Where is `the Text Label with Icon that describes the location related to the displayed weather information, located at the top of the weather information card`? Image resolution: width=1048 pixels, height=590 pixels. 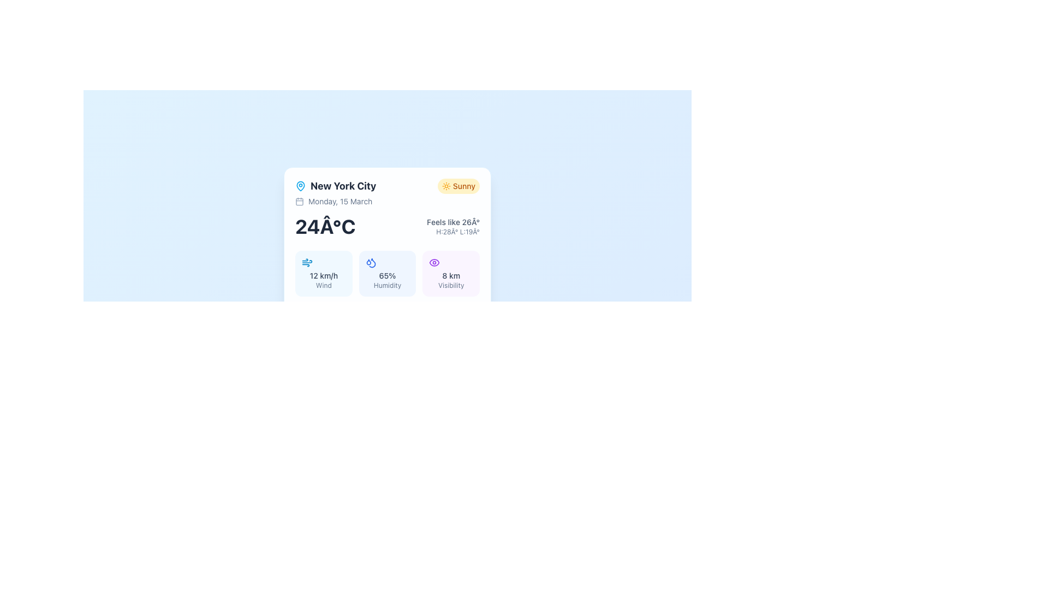 the Text Label with Icon that describes the location related to the displayed weather information, located at the top of the weather information card is located at coordinates (335, 185).